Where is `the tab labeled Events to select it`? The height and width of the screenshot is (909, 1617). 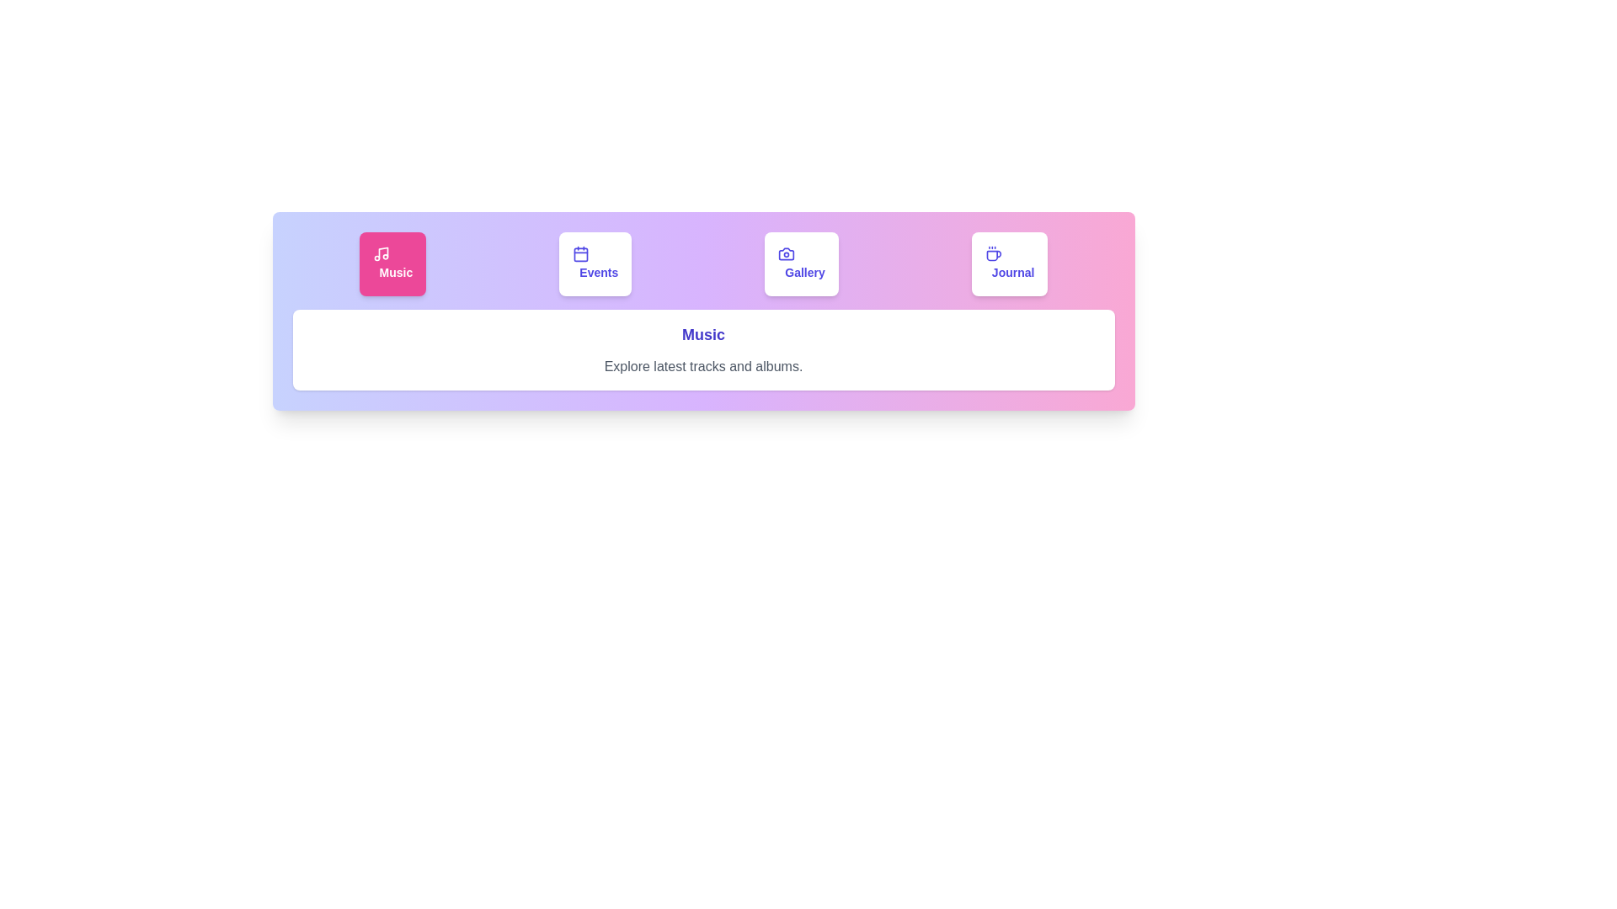
the tab labeled Events to select it is located at coordinates (595, 263).